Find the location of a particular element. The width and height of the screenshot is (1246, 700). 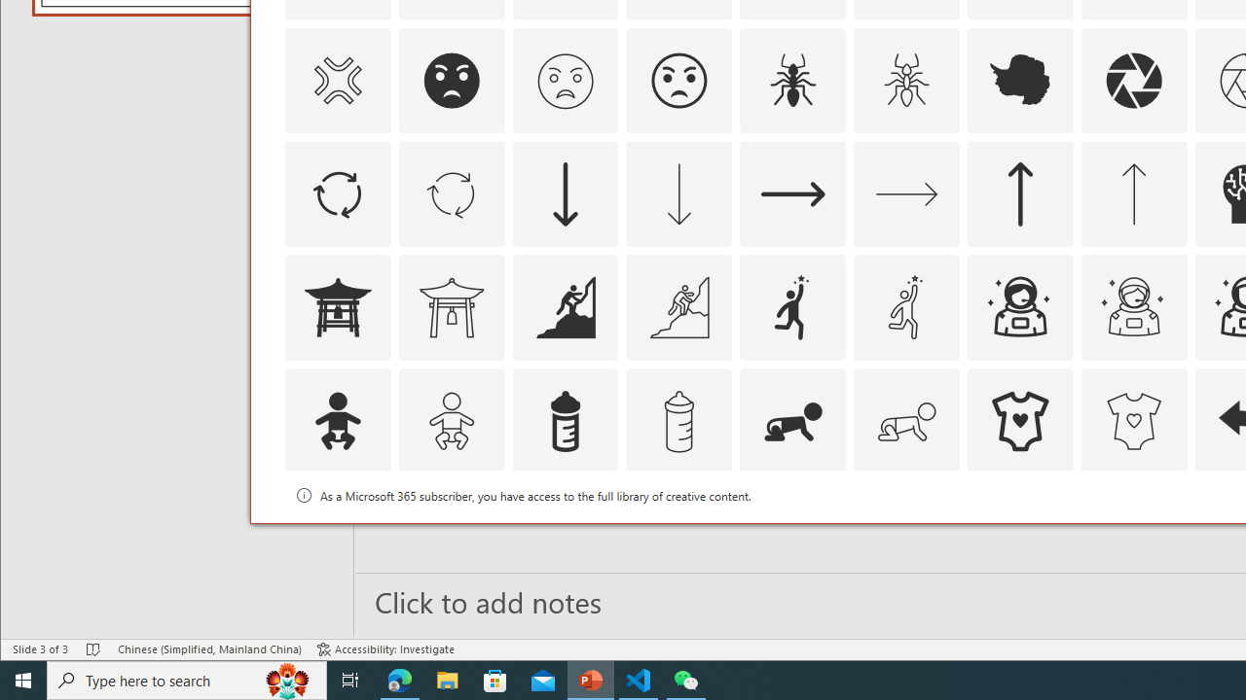

'Accessibility Checker Accessibility: Investigate' is located at coordinates (385, 649).